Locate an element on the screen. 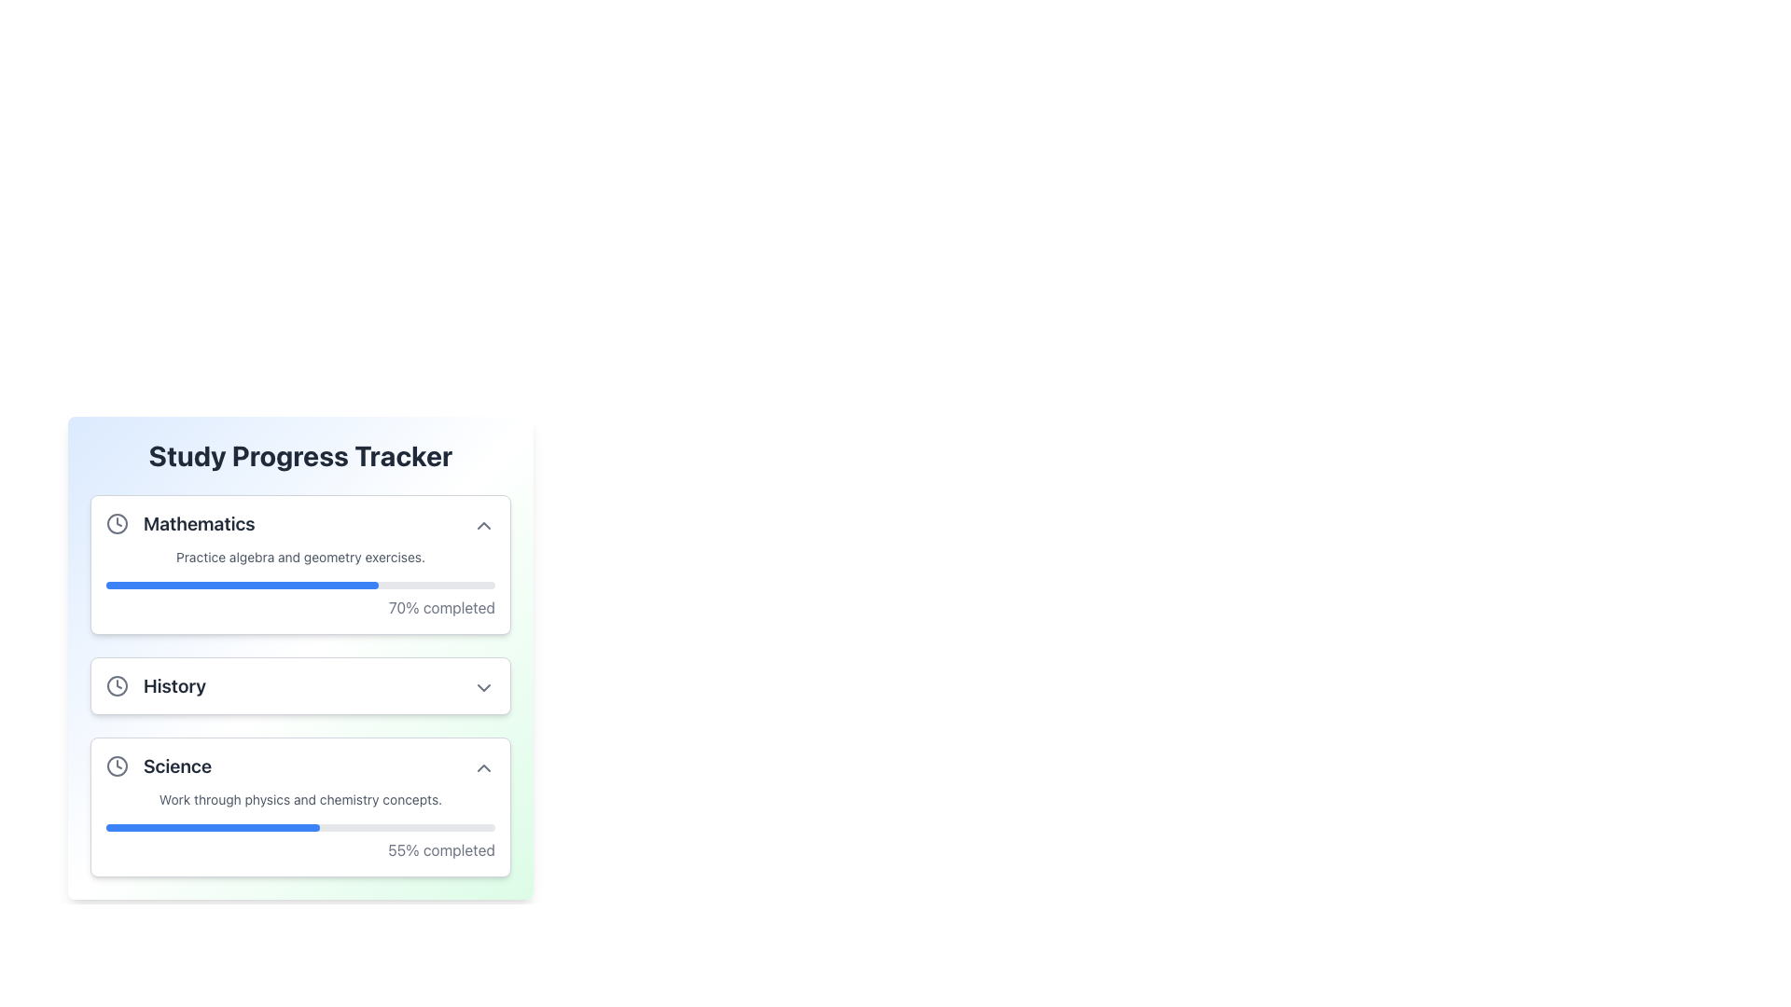 The width and height of the screenshot is (1791, 1007). the blue fill segment of the progress bar representing 70% completion in the Mathematics section of the Study Progress Tracker interface for potential interactivity is located at coordinates (241, 585).